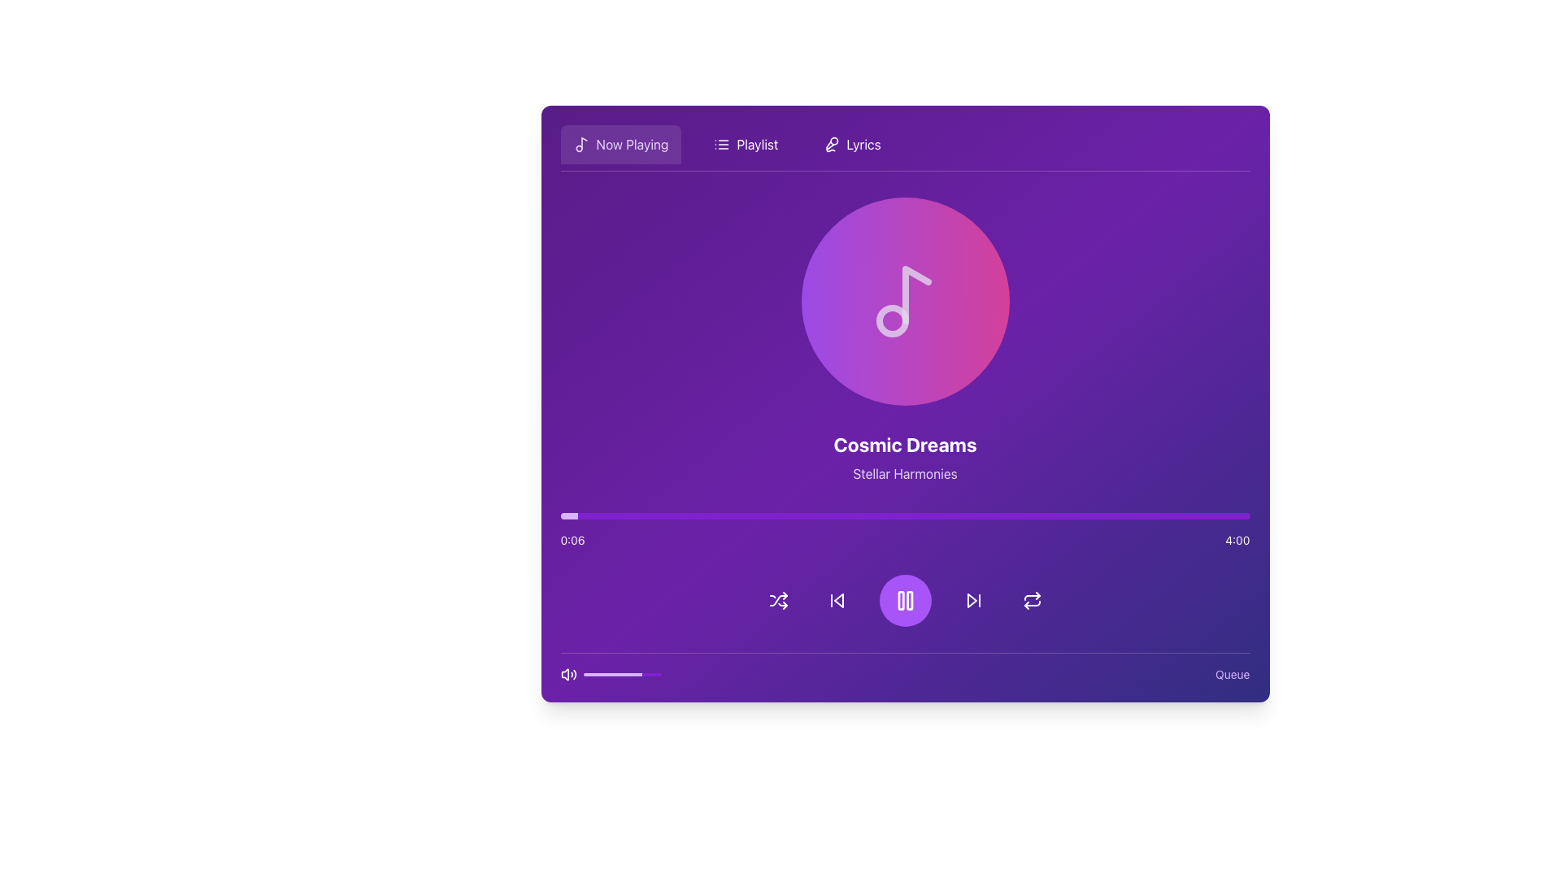  I want to click on the repeat playback button located immediately to the right of the skip-forward button, which activates the repeat playback mode for the current media or playlist, so click(1031, 601).